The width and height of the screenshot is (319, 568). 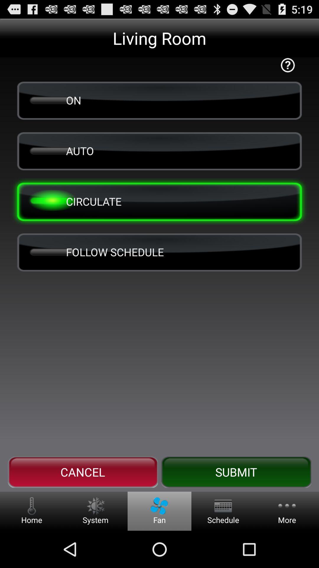 What do you see at coordinates (159, 151) in the screenshot?
I see `auto icon` at bounding box center [159, 151].